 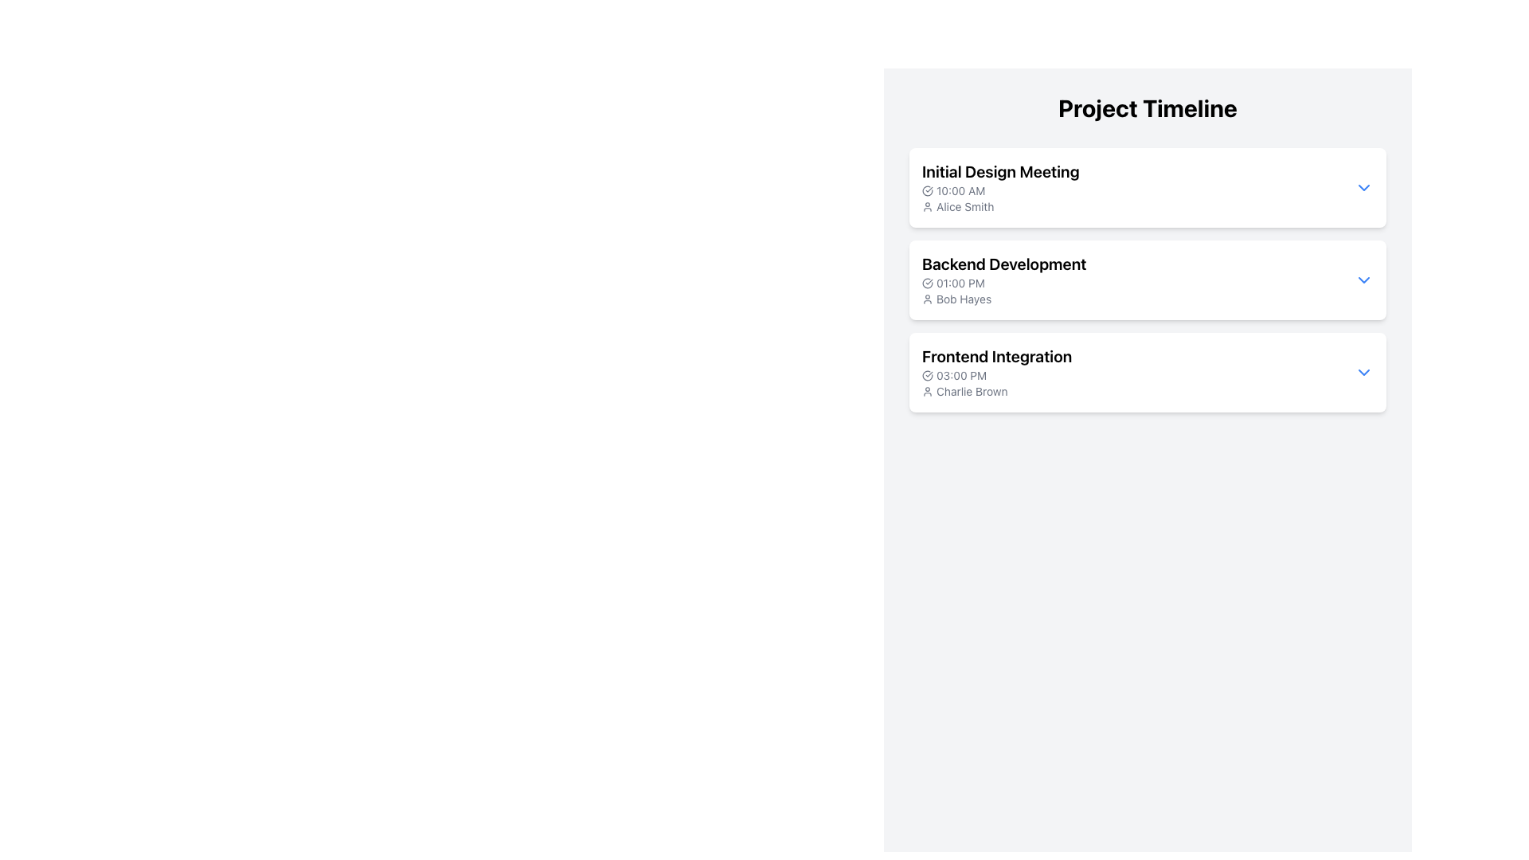 What do you see at coordinates (1148, 107) in the screenshot?
I see `the prominent textual heading that reads 'Project Timeline', which is styled in bold and large font and is centrally aligned at the top of the section` at bounding box center [1148, 107].